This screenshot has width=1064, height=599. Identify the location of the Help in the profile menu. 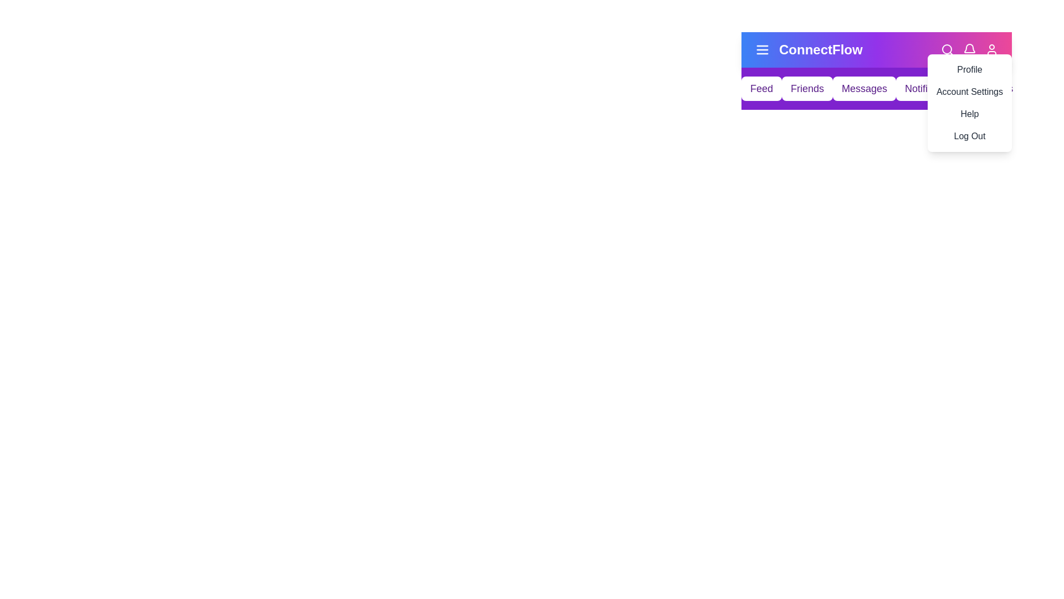
(968, 114).